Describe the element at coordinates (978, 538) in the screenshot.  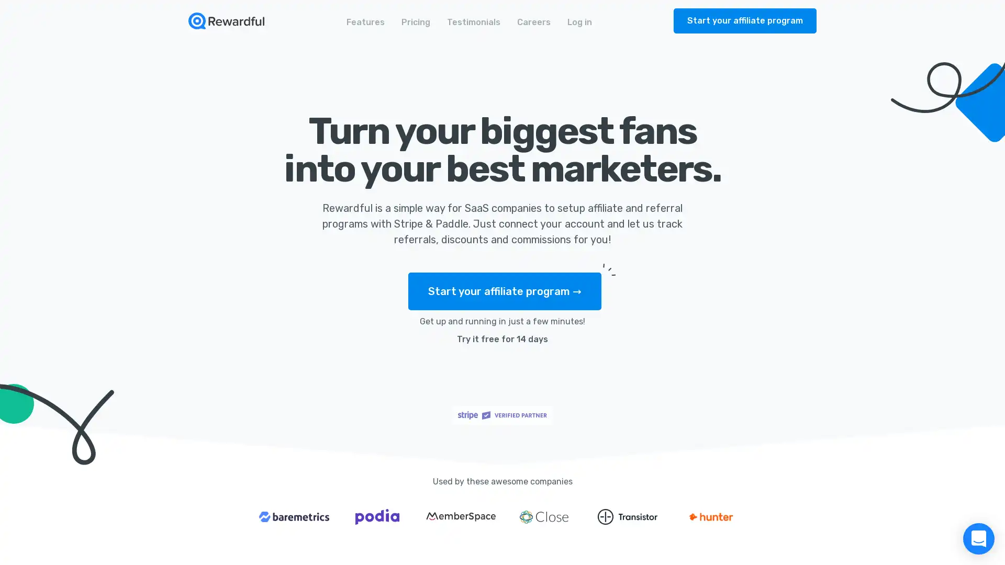
I see `Open Intercom Messenger` at that location.